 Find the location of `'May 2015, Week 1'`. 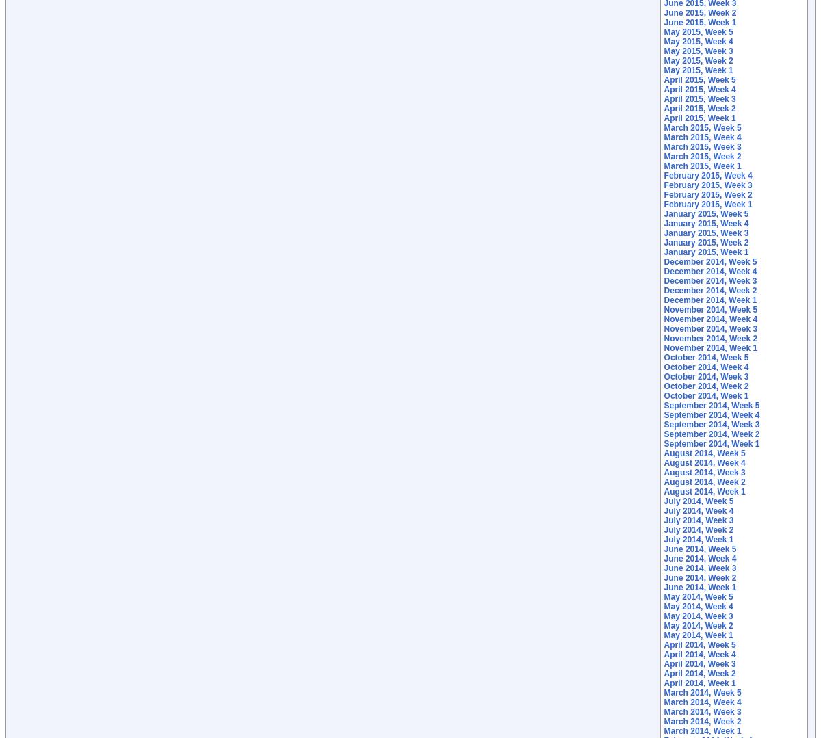

'May 2015, Week 1' is located at coordinates (663, 70).